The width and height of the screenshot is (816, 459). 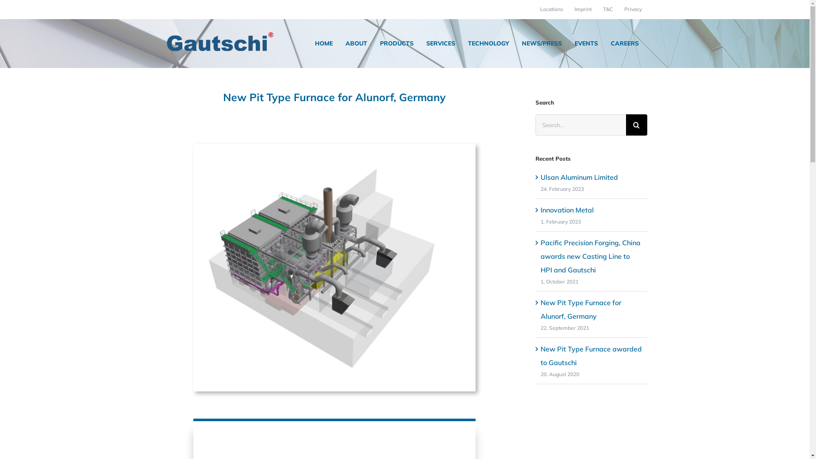 I want to click on 'SERVICES', so click(x=440, y=43).